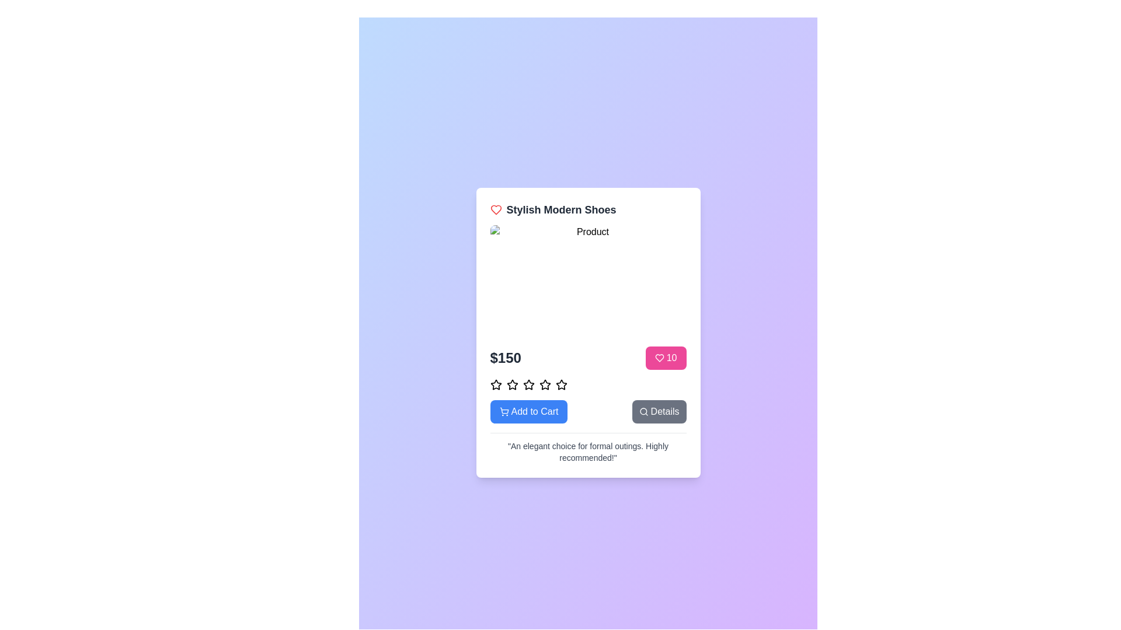 This screenshot has height=630, width=1121. What do you see at coordinates (506, 357) in the screenshot?
I see `text displayed in the prominent Text Label showing the price '$150', which is styled in a bold and large font and located above a set of star icons` at bounding box center [506, 357].